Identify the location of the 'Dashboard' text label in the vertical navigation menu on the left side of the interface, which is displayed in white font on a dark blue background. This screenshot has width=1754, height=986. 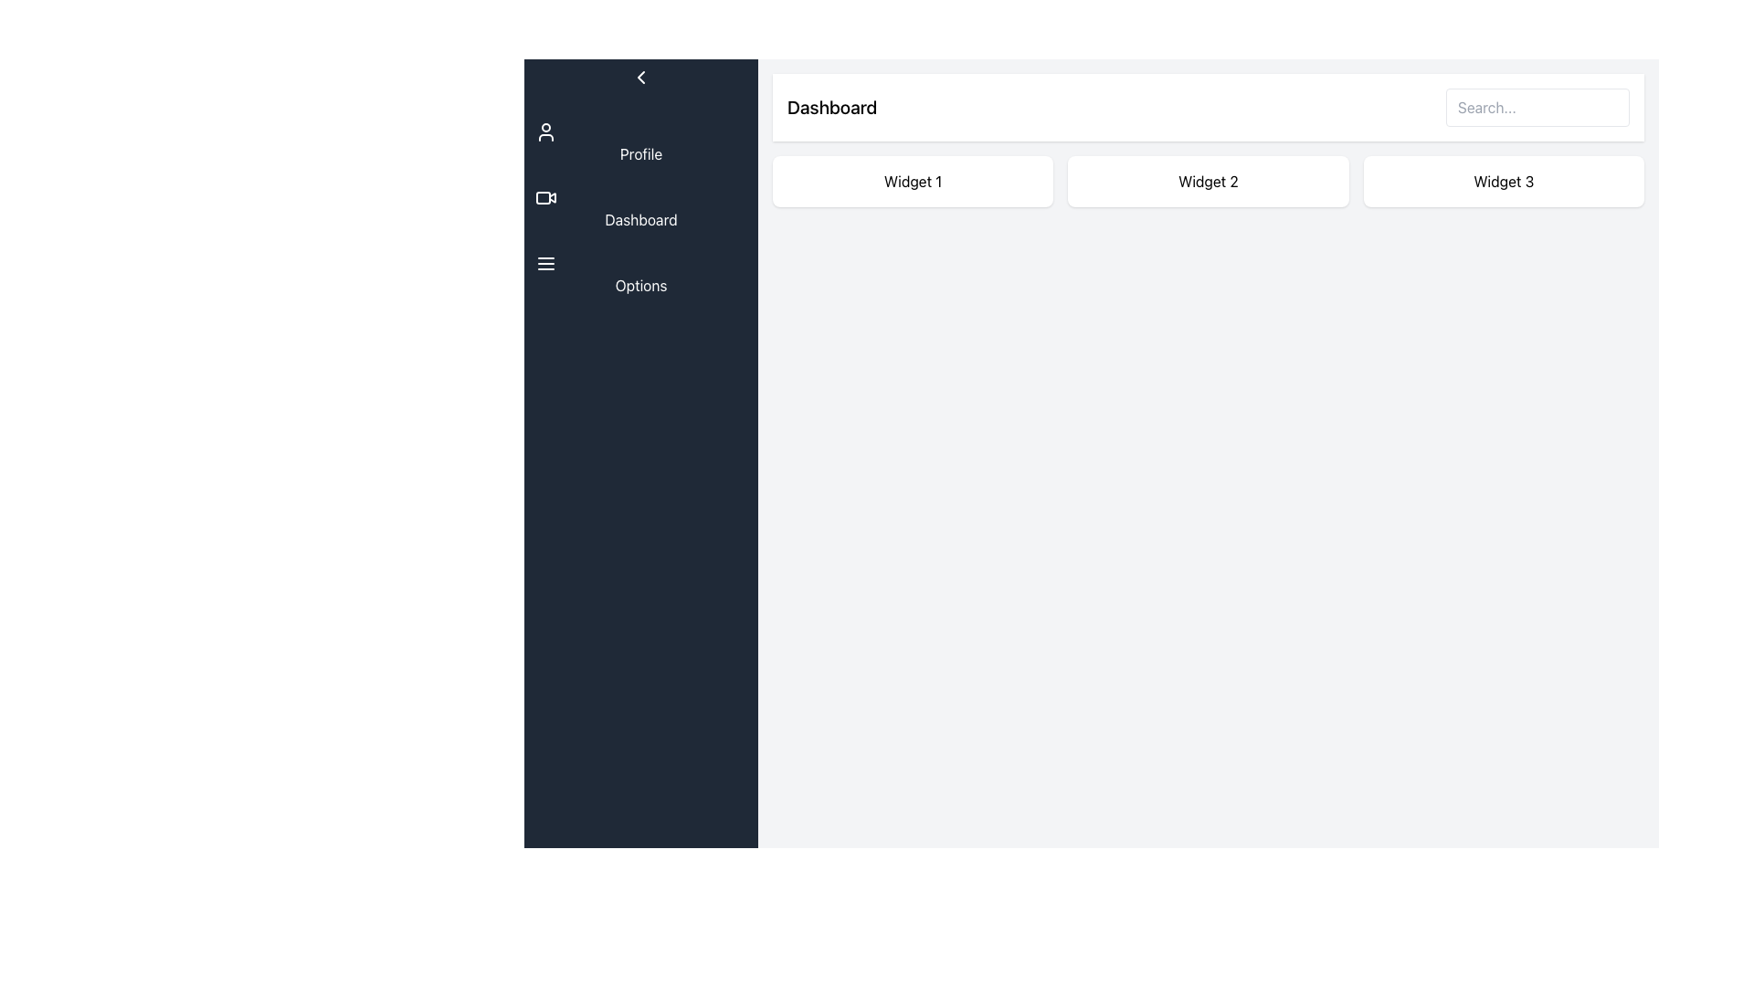
(640, 218).